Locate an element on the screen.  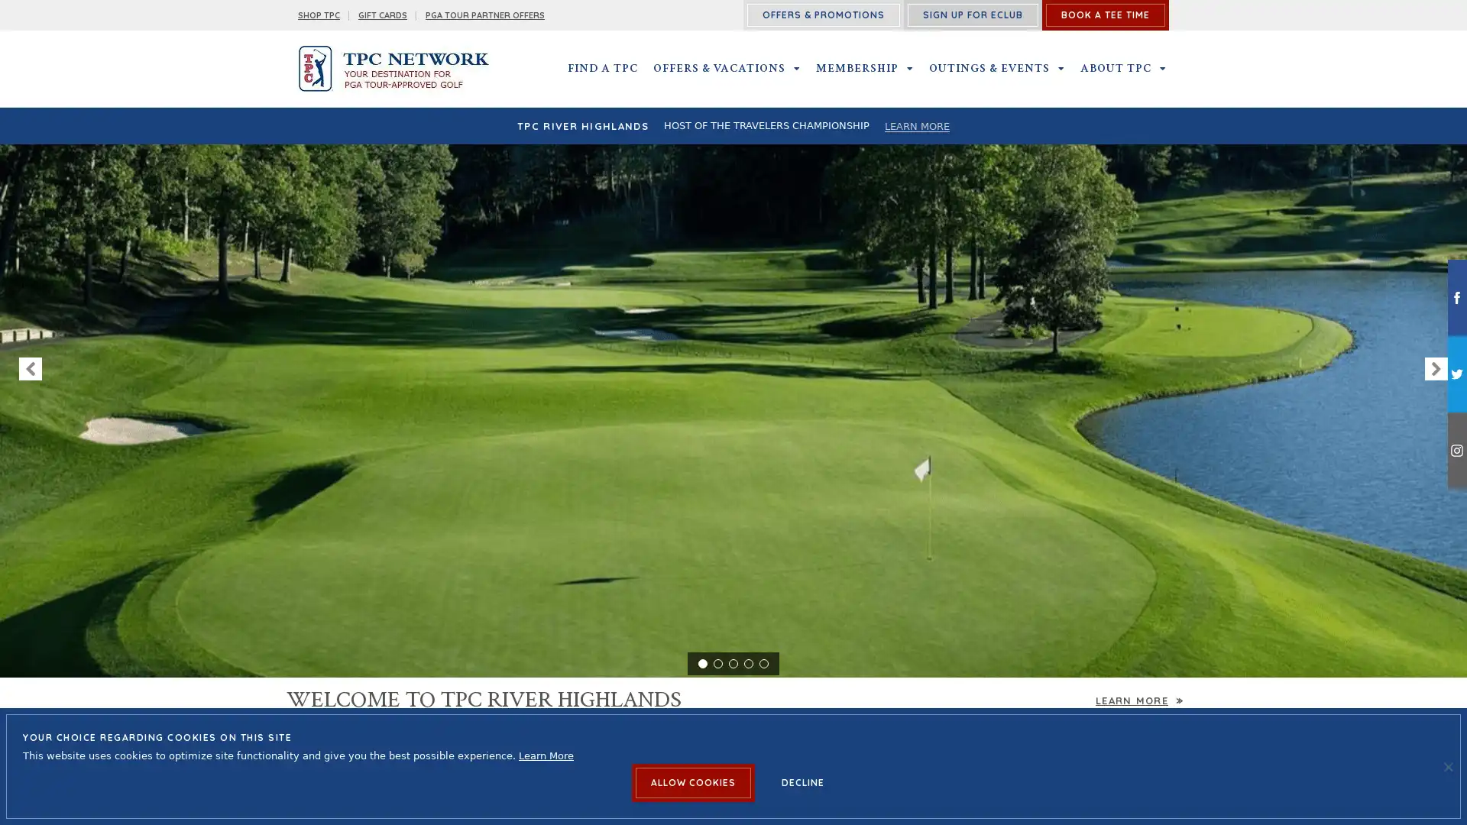
MEMBERSHIP SUBMENU is located at coordinates (908, 67).